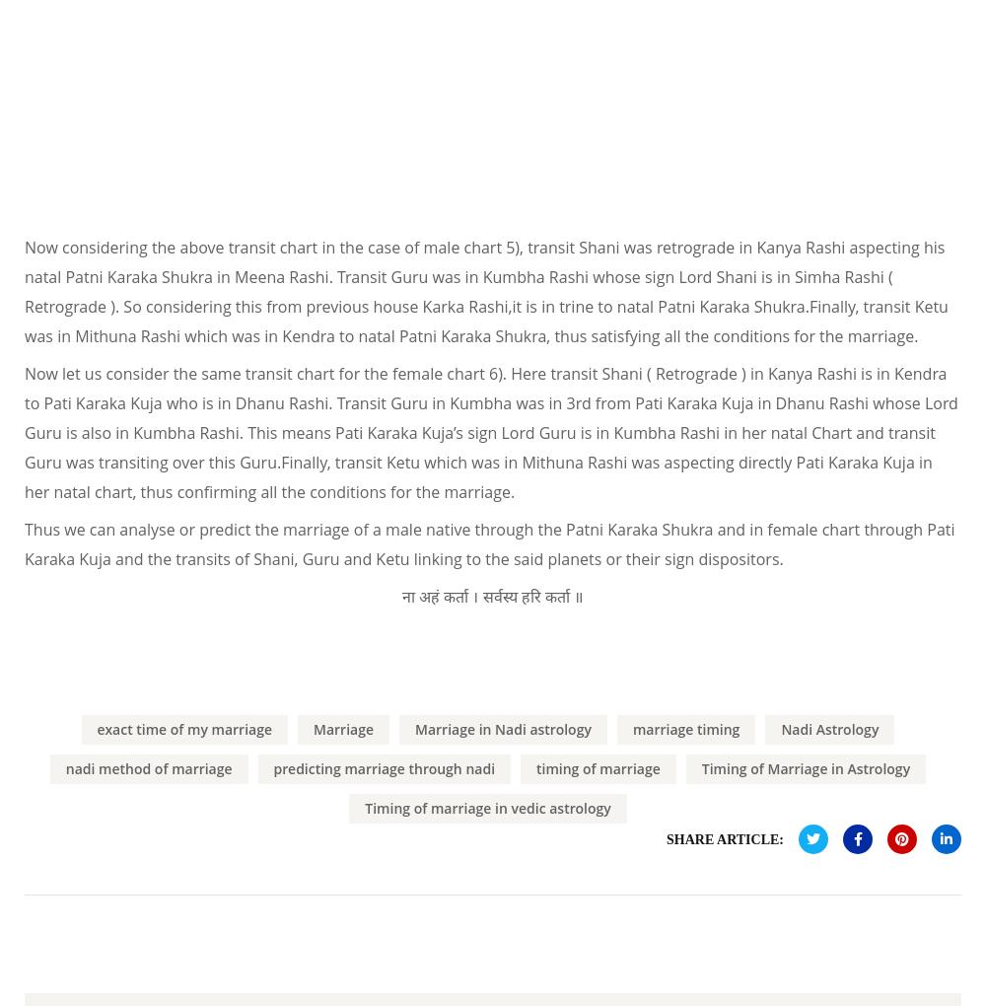 Image resolution: width=986 pixels, height=1006 pixels. What do you see at coordinates (342, 728) in the screenshot?
I see `'Marriage'` at bounding box center [342, 728].